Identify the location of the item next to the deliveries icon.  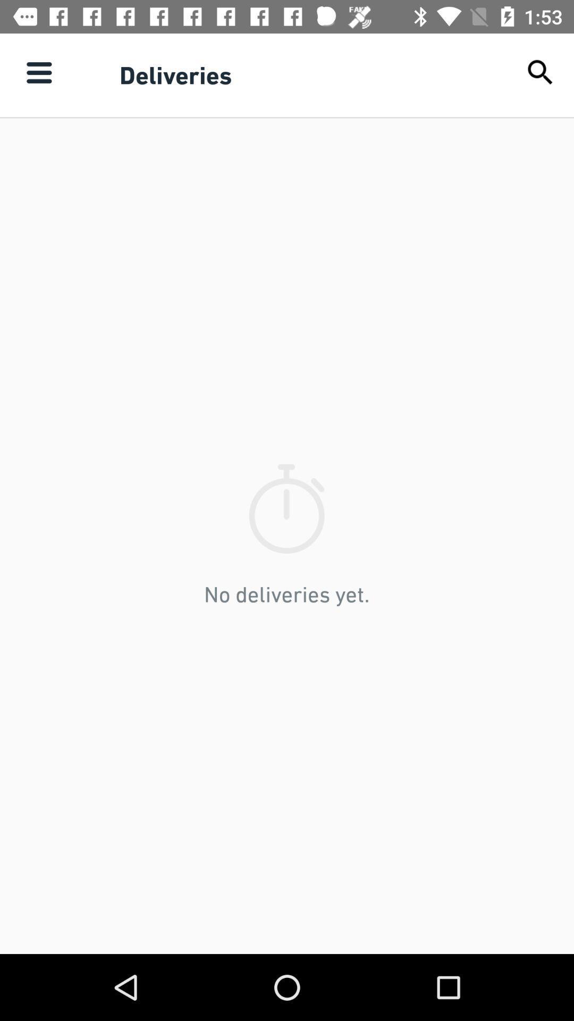
(541, 72).